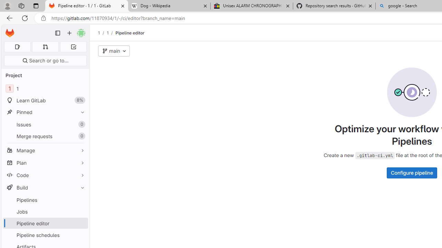 This screenshot has height=248, width=442. What do you see at coordinates (81, 211) in the screenshot?
I see `'Pin Jobs'` at bounding box center [81, 211].